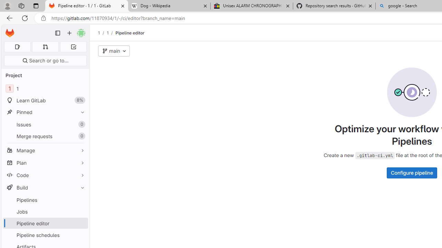 This screenshot has height=248, width=442. What do you see at coordinates (81, 211) in the screenshot?
I see `'Pin Jobs'` at bounding box center [81, 211].